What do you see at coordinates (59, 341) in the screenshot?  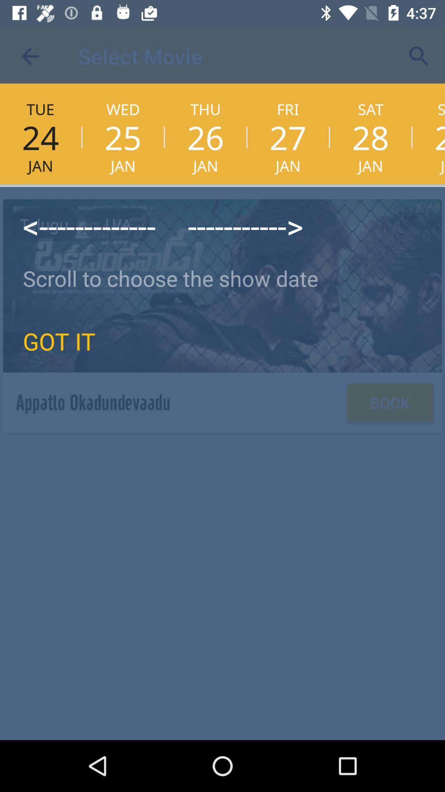 I see `icon above appatlo okadundevaadu item` at bounding box center [59, 341].